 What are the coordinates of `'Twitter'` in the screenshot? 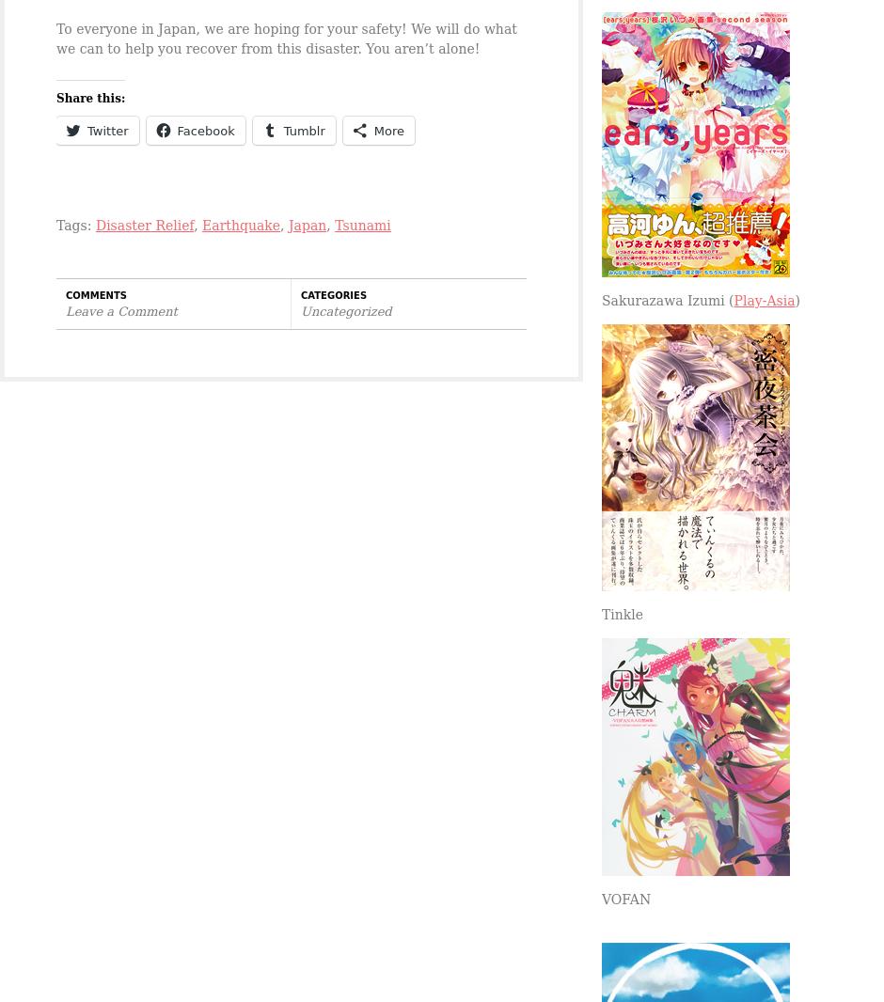 It's located at (107, 130).